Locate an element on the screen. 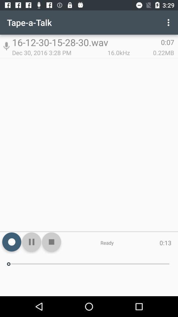 This screenshot has height=317, width=178. item to the left of 16 12 30 is located at coordinates (6, 46).